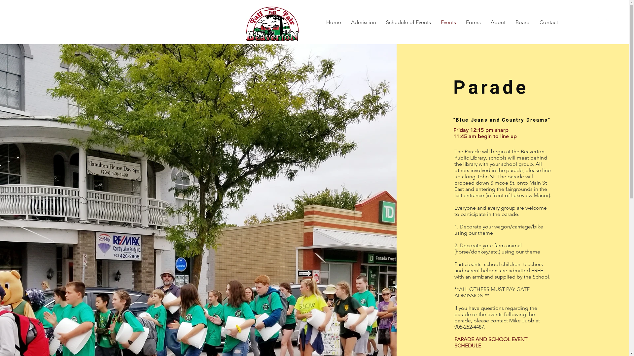  I want to click on 'Contact', so click(548, 22).